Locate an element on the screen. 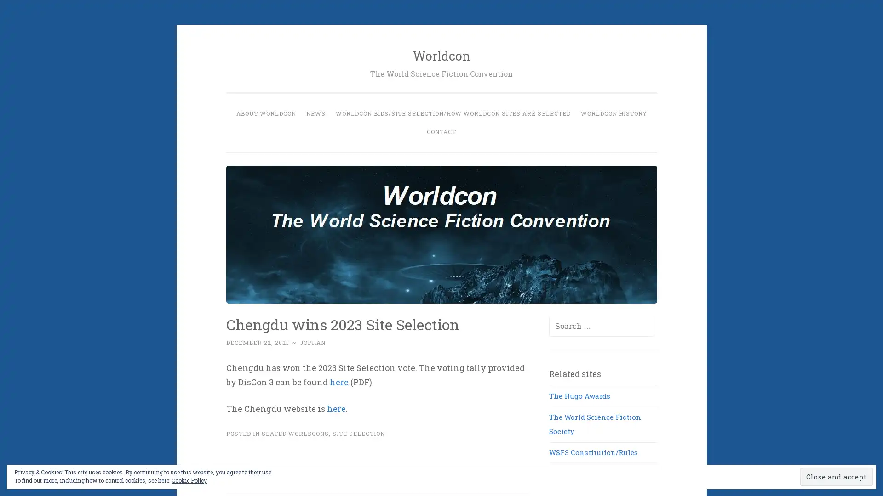  Close and accept is located at coordinates (837, 476).